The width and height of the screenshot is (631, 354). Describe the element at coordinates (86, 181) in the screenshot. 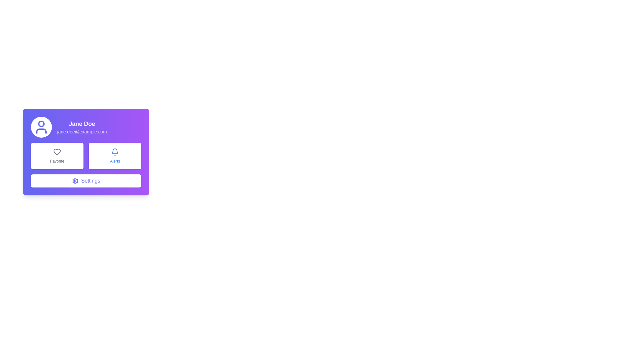

I see `the rectangular button with a white background and blue text reading 'Settings'` at that location.